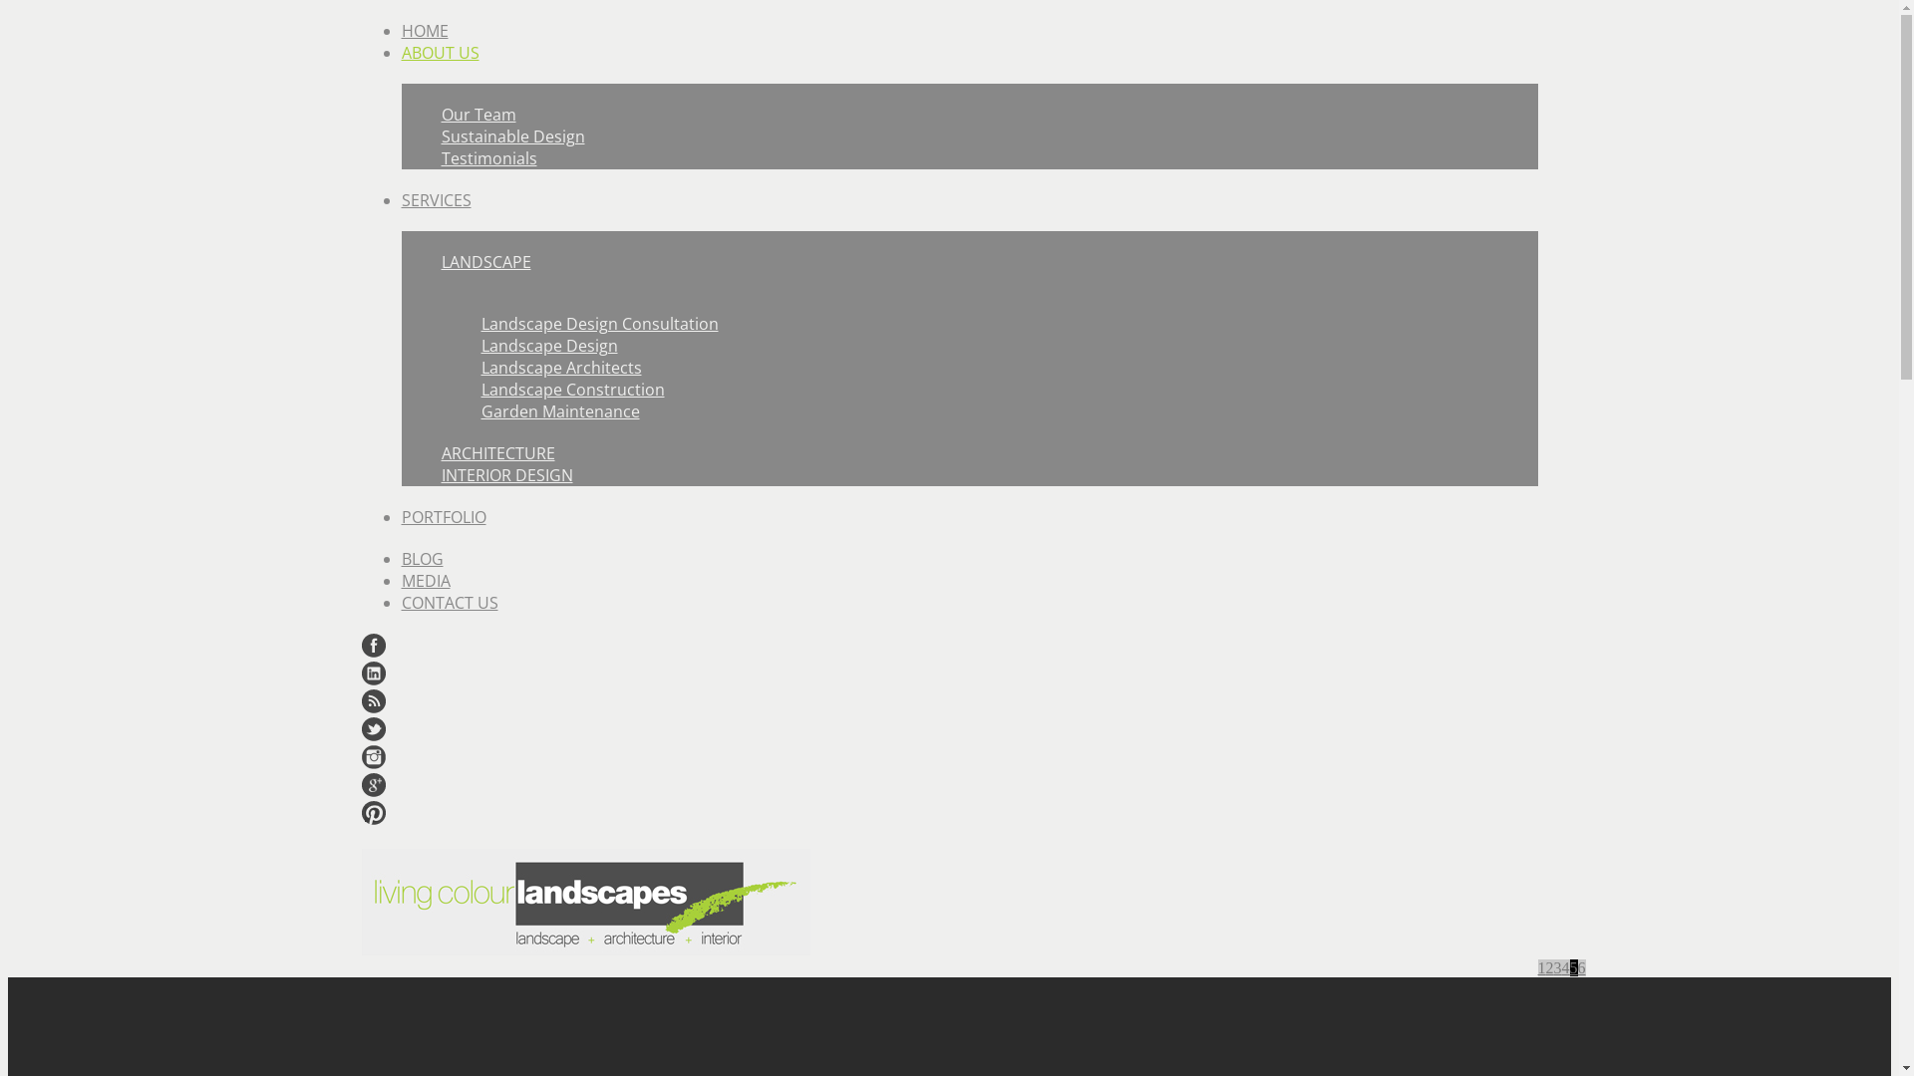 Image resolution: width=1914 pixels, height=1076 pixels. I want to click on 'Sustainable Design', so click(511, 135).